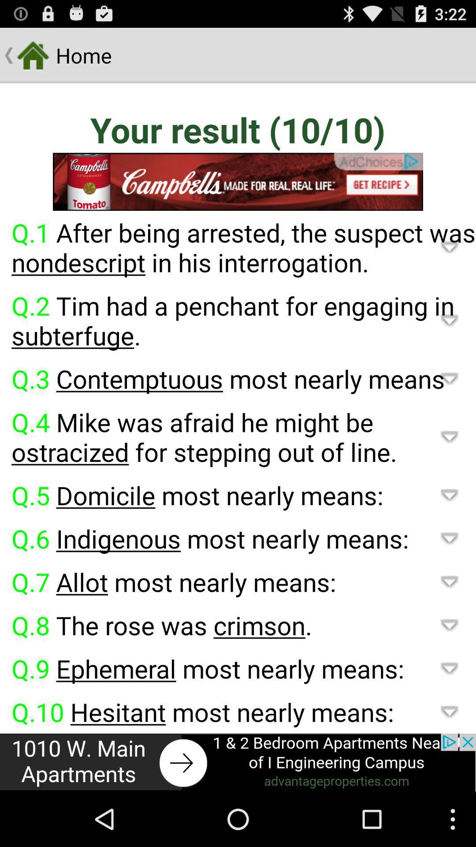 The height and width of the screenshot is (847, 476). What do you see at coordinates (238, 181) in the screenshot?
I see `clickable advertisement` at bounding box center [238, 181].